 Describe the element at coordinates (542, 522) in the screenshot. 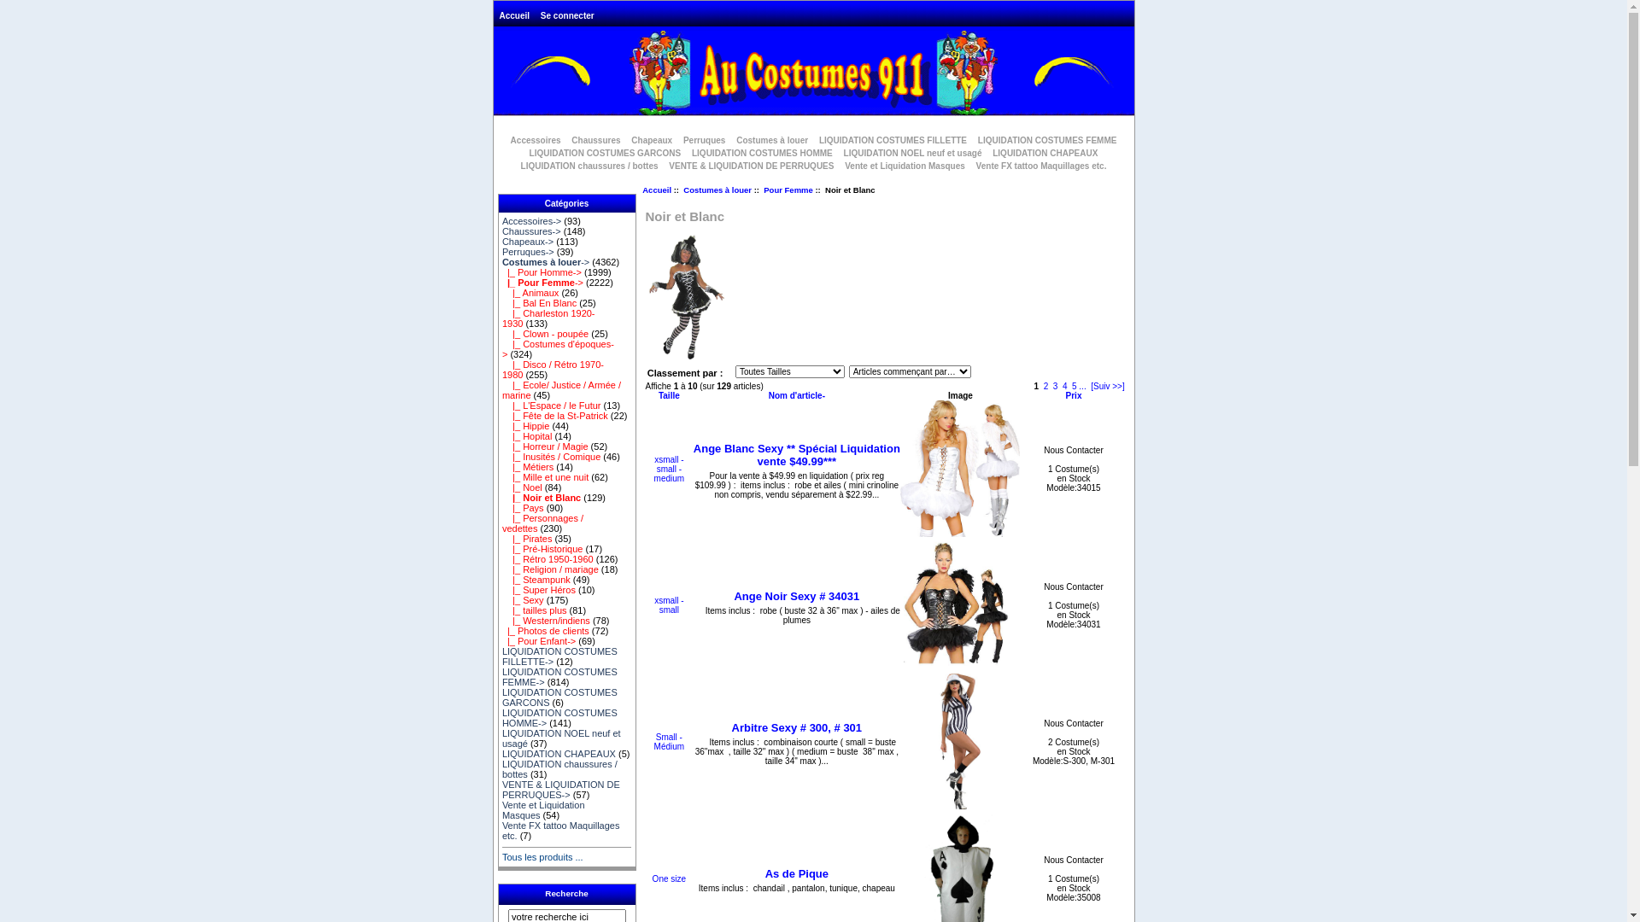

I see `'    |_ Personnages / vedettes'` at that location.